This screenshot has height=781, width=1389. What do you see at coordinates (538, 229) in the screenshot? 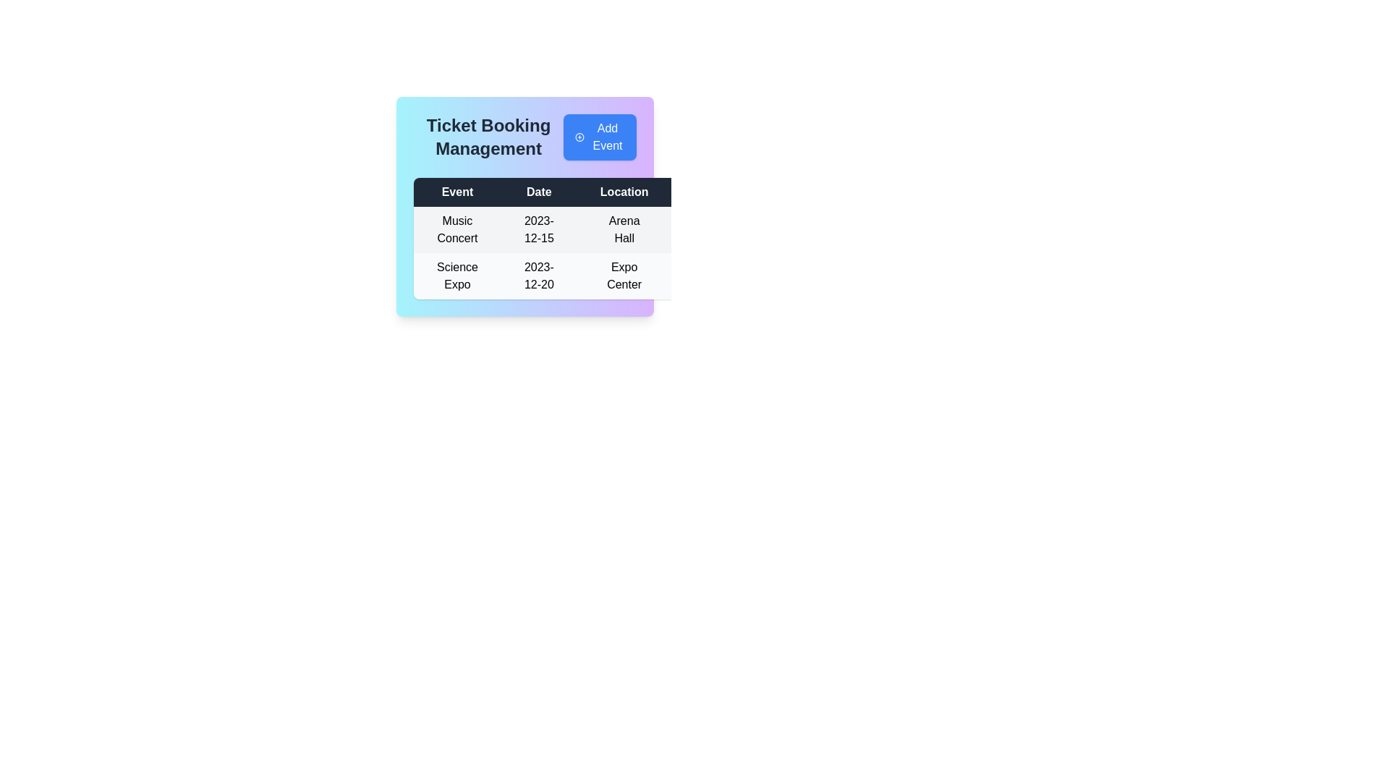
I see `the static text element that displays the date of the event, located in the middle cell under the 'Date' column in the first row of the table, horizontally aligned with the 'Music Concert' and 'Arena Hall' cells` at bounding box center [538, 229].